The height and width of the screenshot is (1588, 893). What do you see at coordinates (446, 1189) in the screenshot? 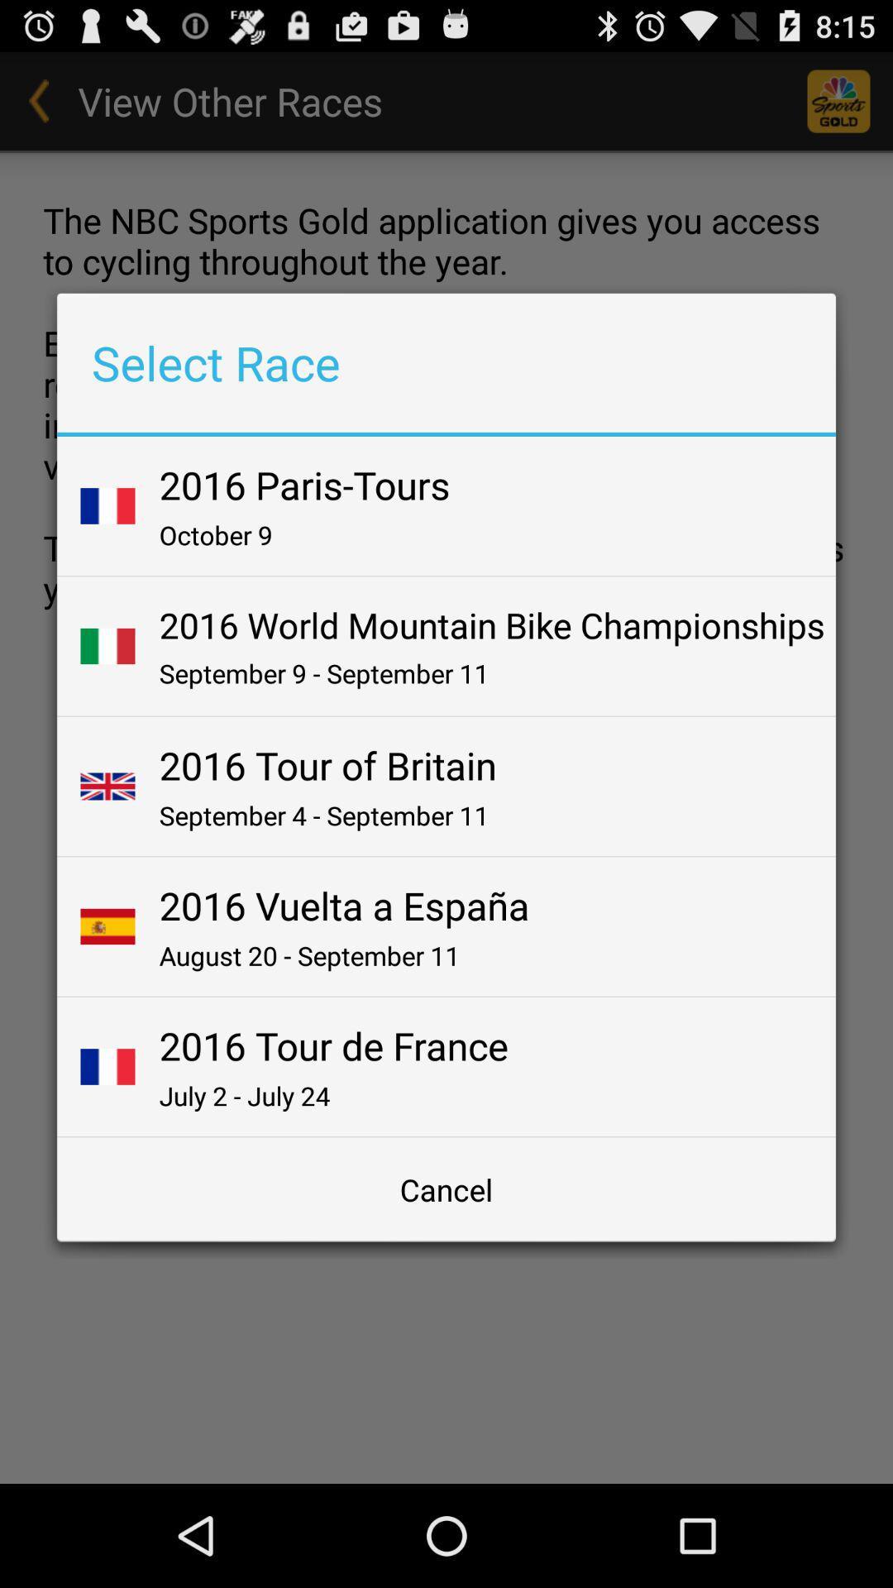
I see `the cancel item` at bounding box center [446, 1189].